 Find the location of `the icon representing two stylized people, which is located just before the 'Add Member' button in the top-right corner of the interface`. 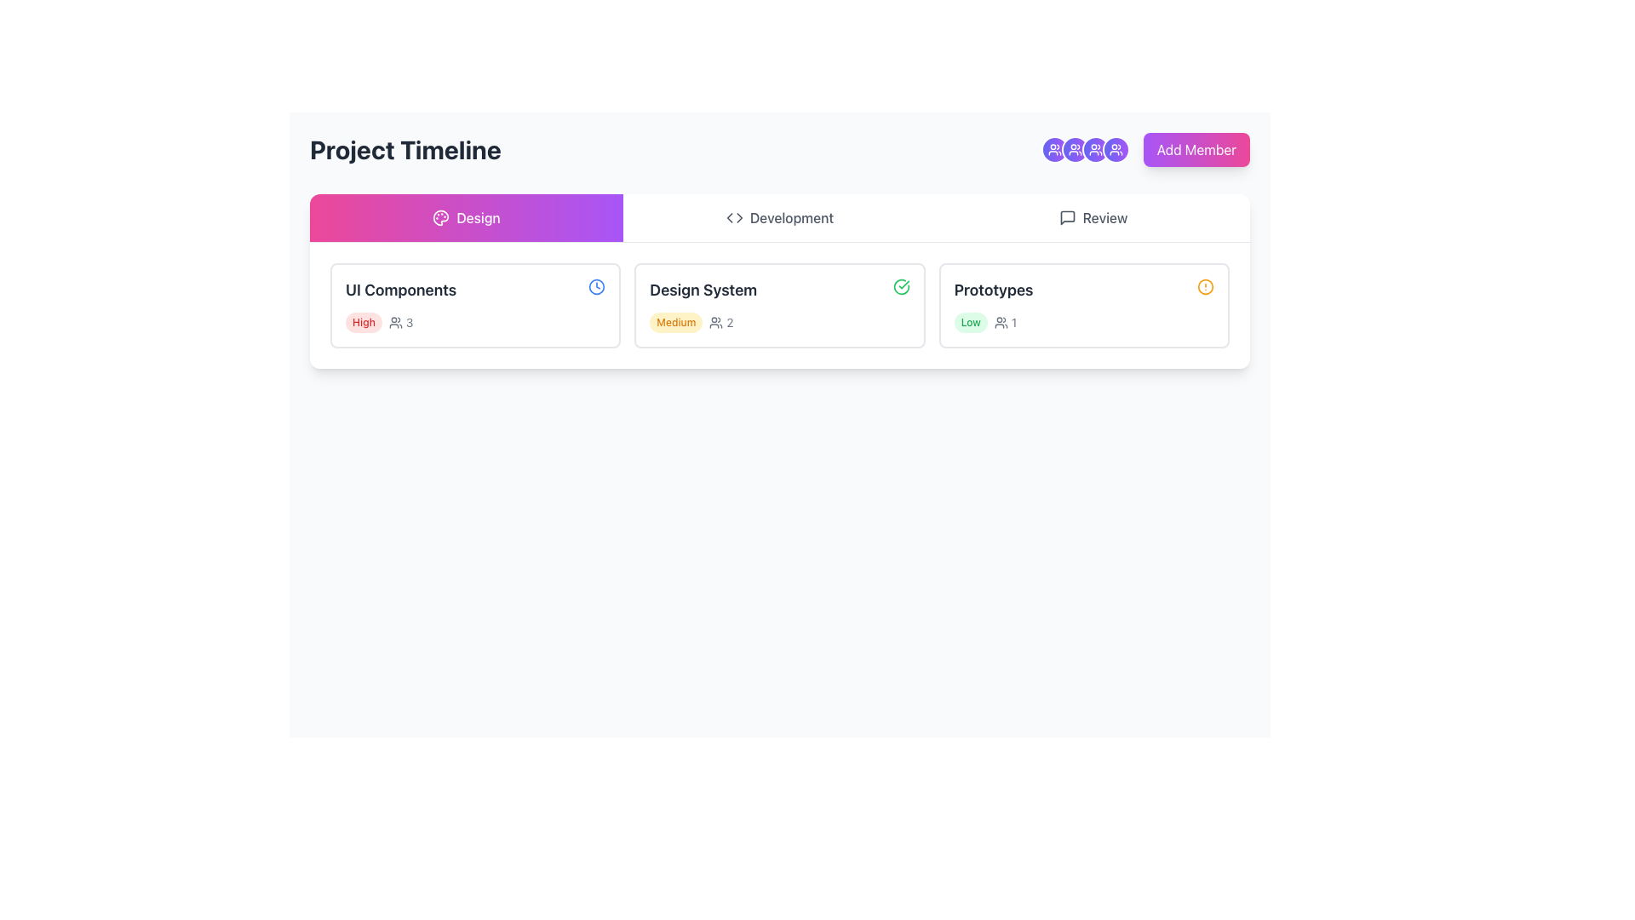

the icon representing two stylized people, which is located just before the 'Add Member' button in the top-right corner of the interface is located at coordinates (1053, 149).